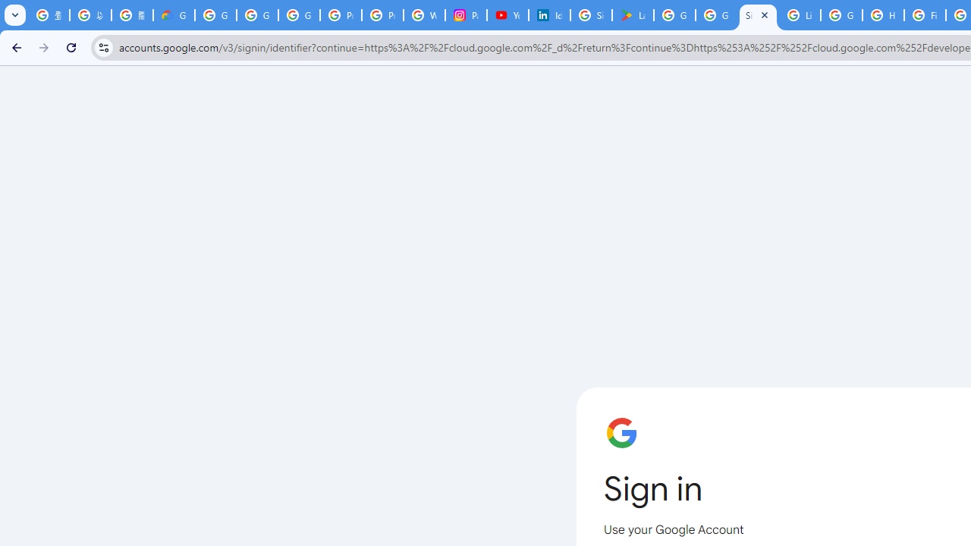 Image resolution: width=971 pixels, height=546 pixels. I want to click on 'How do I create a new Google Account? - Google Account Help', so click(883, 15).